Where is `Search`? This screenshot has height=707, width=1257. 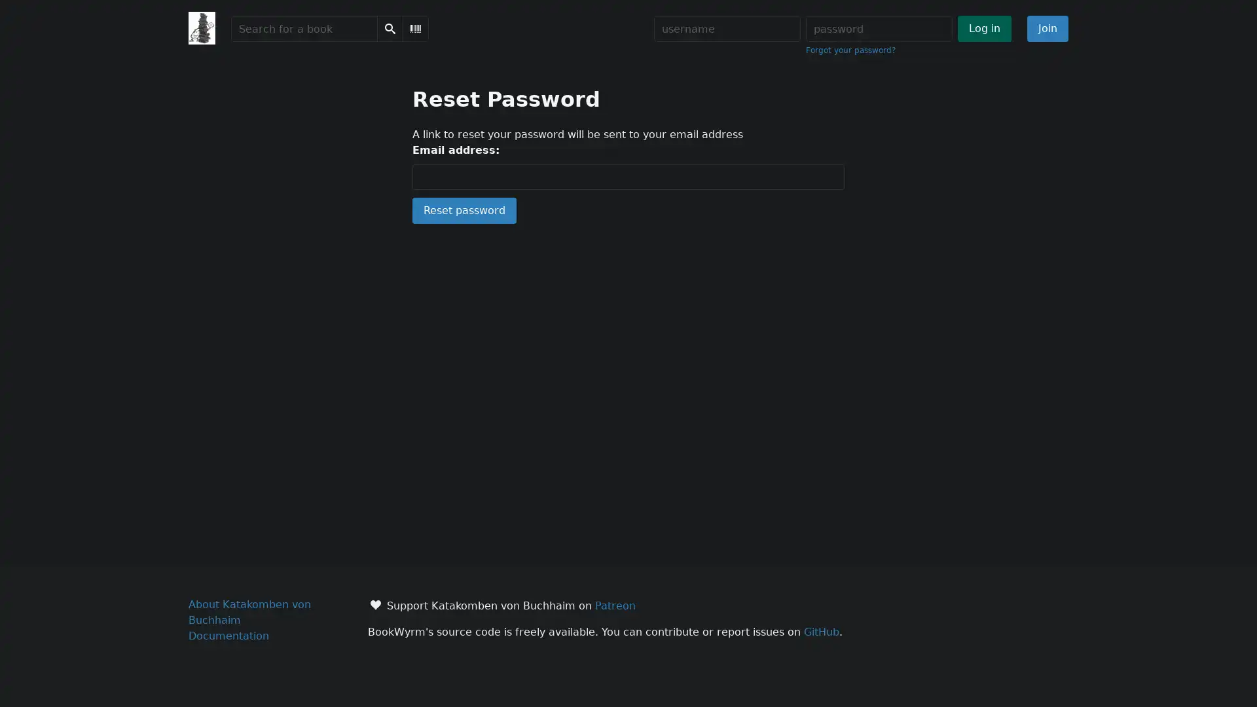
Search is located at coordinates (389, 28).